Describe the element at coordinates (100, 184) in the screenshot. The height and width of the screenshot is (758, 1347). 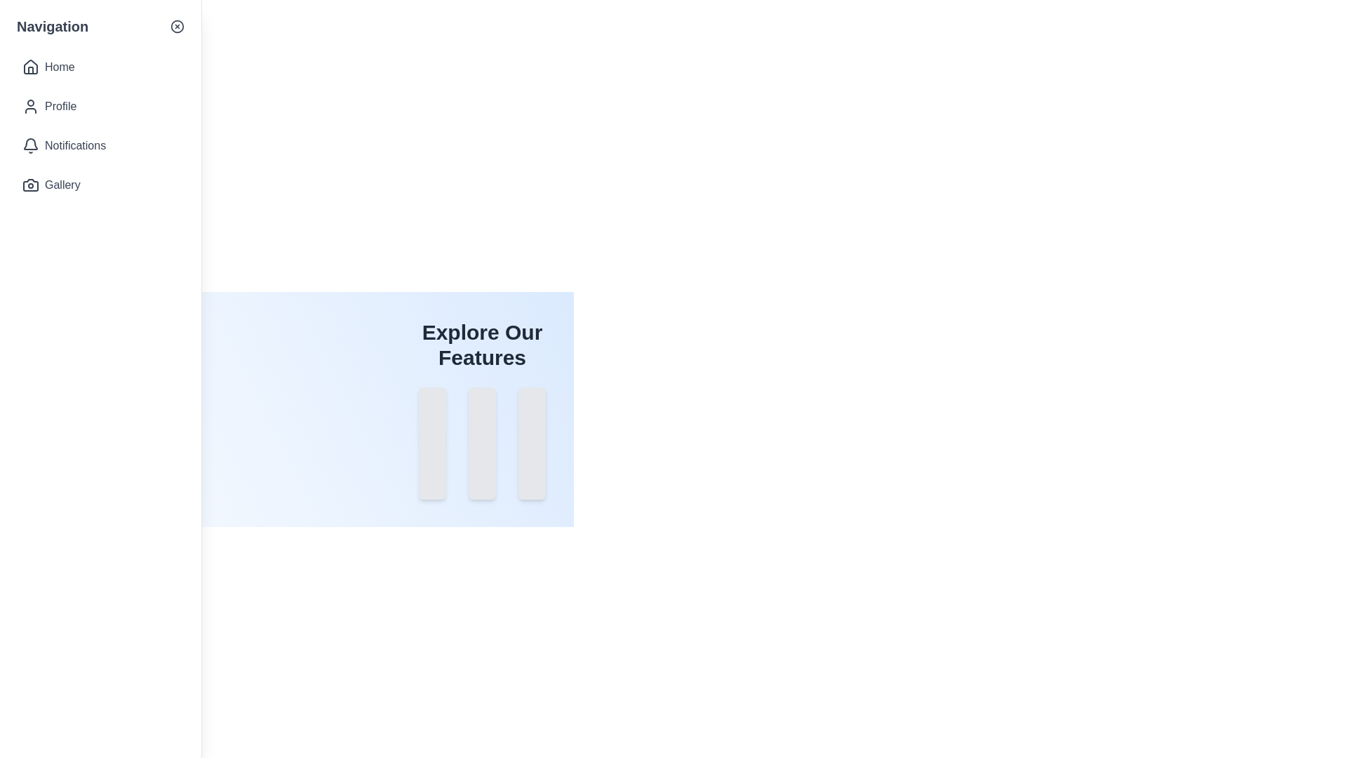
I see `the 'Gallery' navigation menu item, which is the fourth item in the vertical navigation panel` at that location.